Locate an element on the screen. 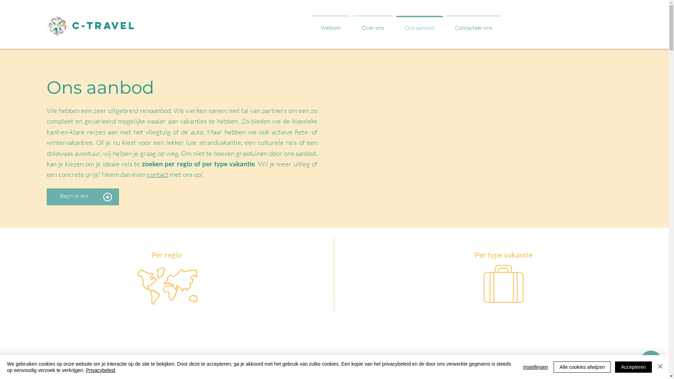  'C-TRAVEL' is located at coordinates (72, 25).